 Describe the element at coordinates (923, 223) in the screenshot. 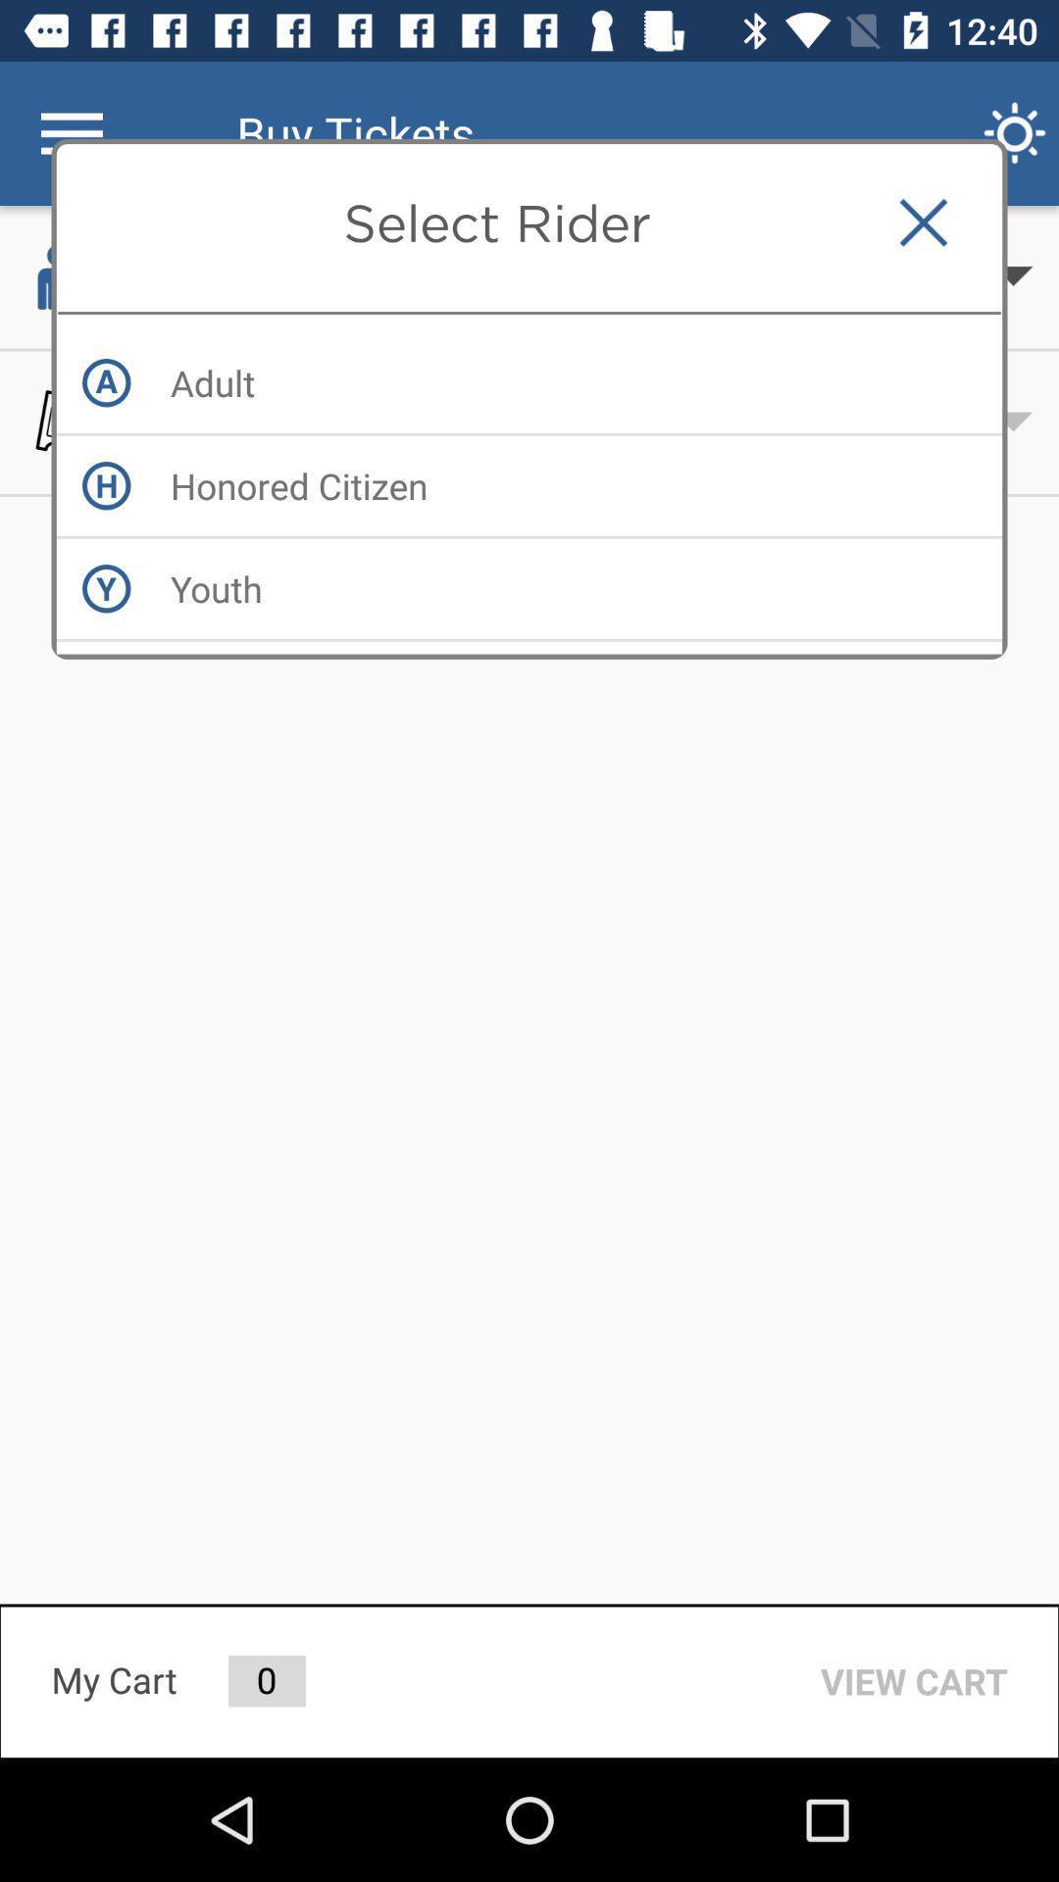

I see `the item next to the select rider` at that location.